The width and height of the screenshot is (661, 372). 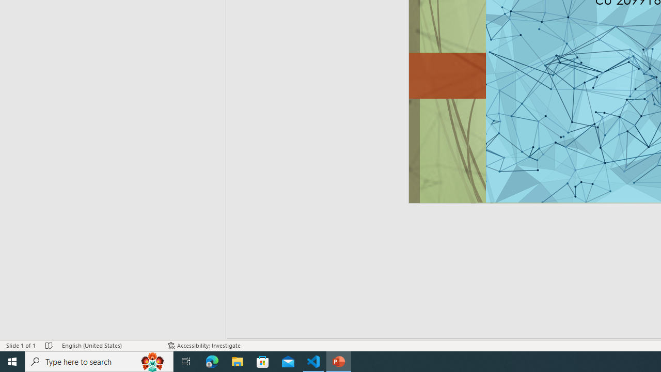 I want to click on 'Search highlights icon opens search home window', so click(x=152, y=361).